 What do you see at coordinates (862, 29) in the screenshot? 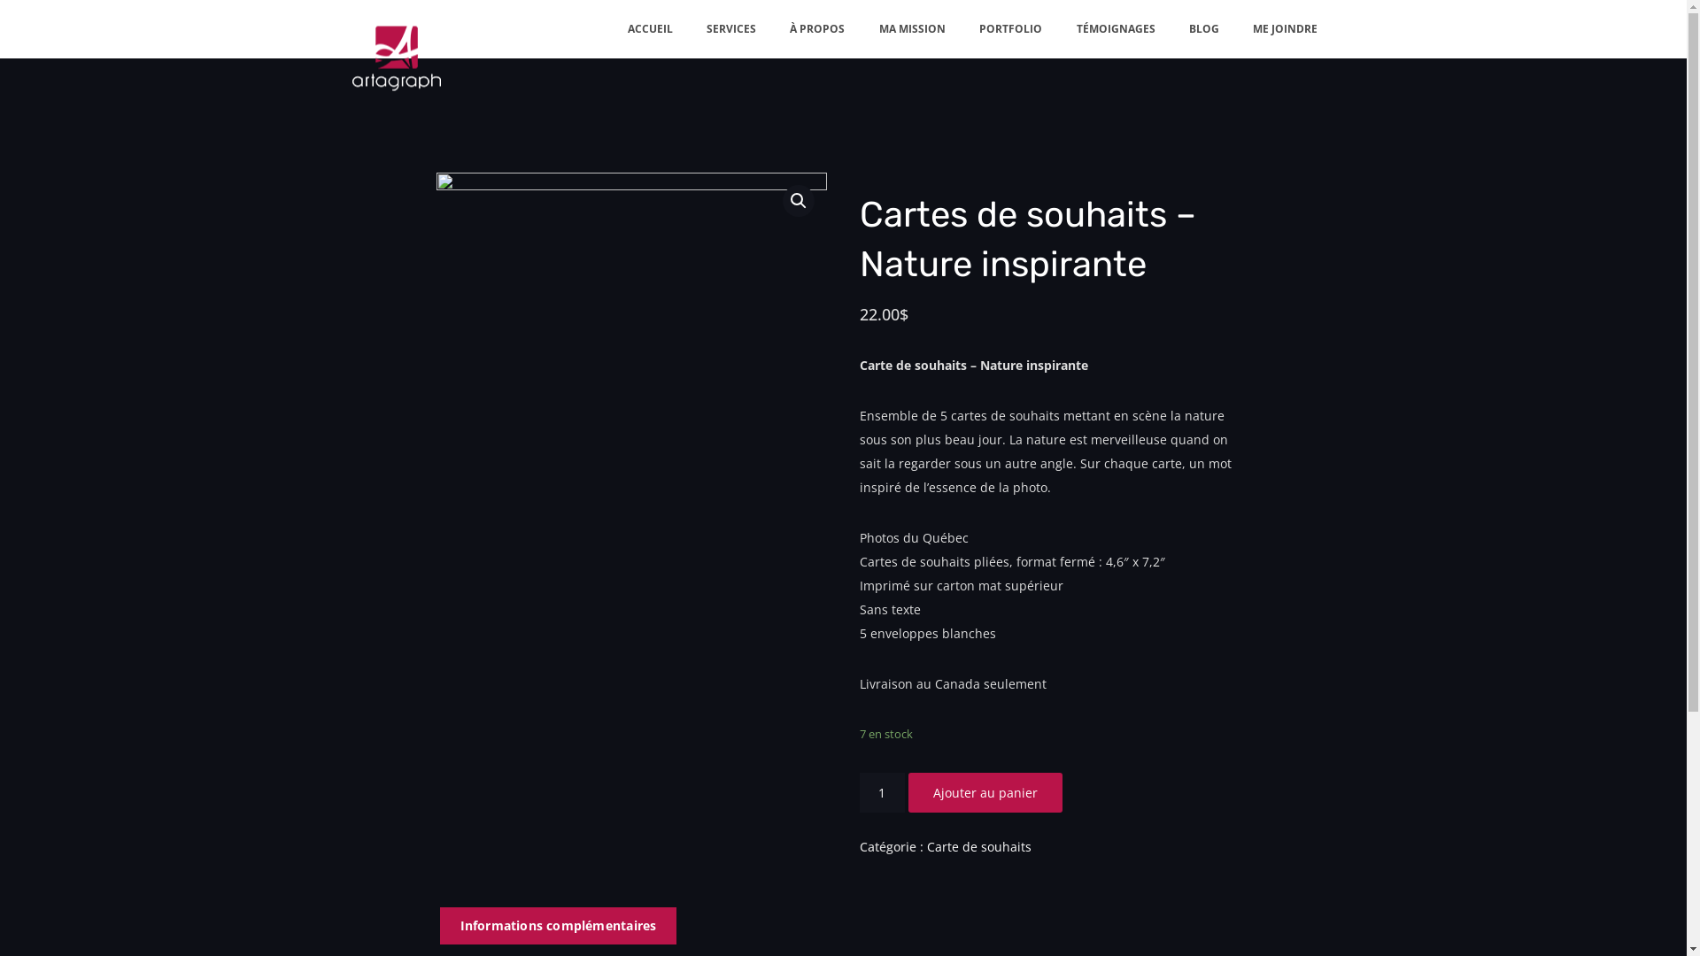
I see `'MA MISSION'` at bounding box center [862, 29].